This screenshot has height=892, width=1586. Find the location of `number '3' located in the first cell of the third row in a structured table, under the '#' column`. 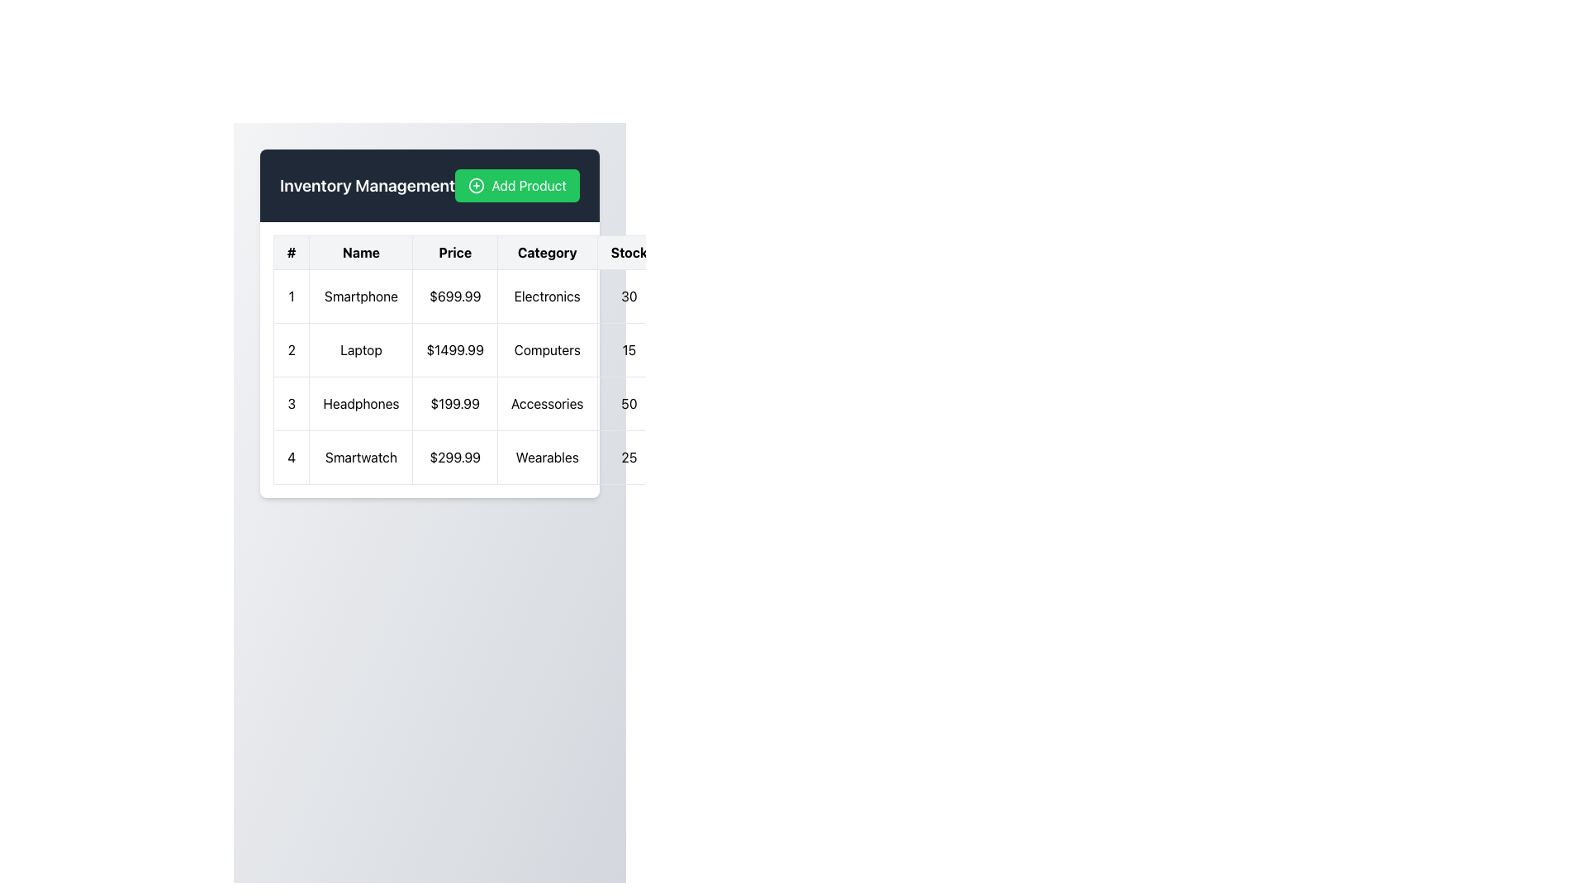

number '3' located in the first cell of the third row in a structured table, under the '#' column is located at coordinates (292, 404).